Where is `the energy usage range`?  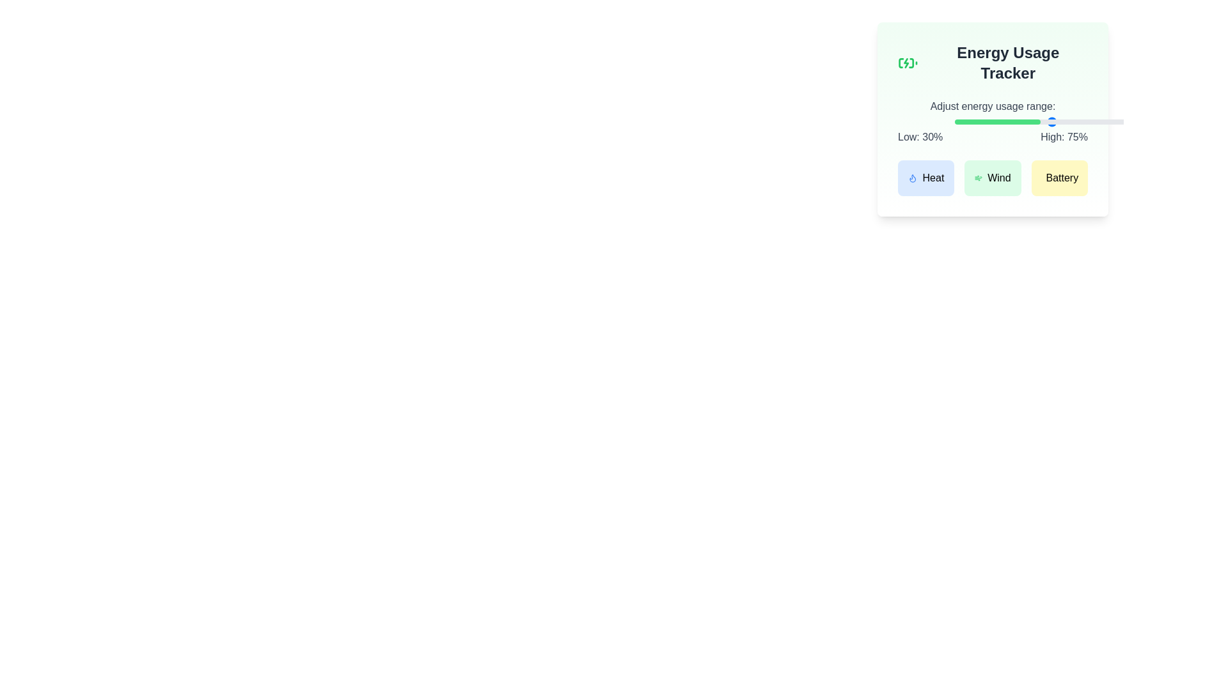 the energy usage range is located at coordinates (1143, 122).